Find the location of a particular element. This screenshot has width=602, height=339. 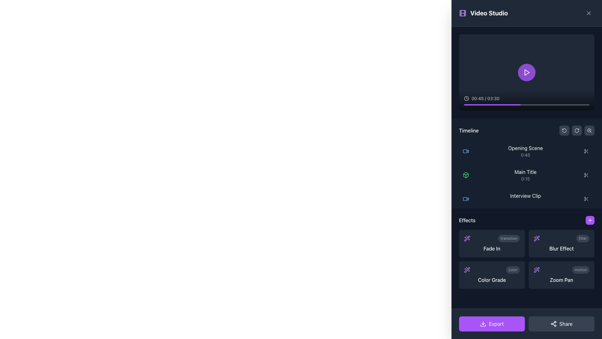

the compact, square-shaped icon with a green outline representing a 3D box design, located to the left of the text 'Main Title' in the 'Timeline' section is located at coordinates (466, 175).